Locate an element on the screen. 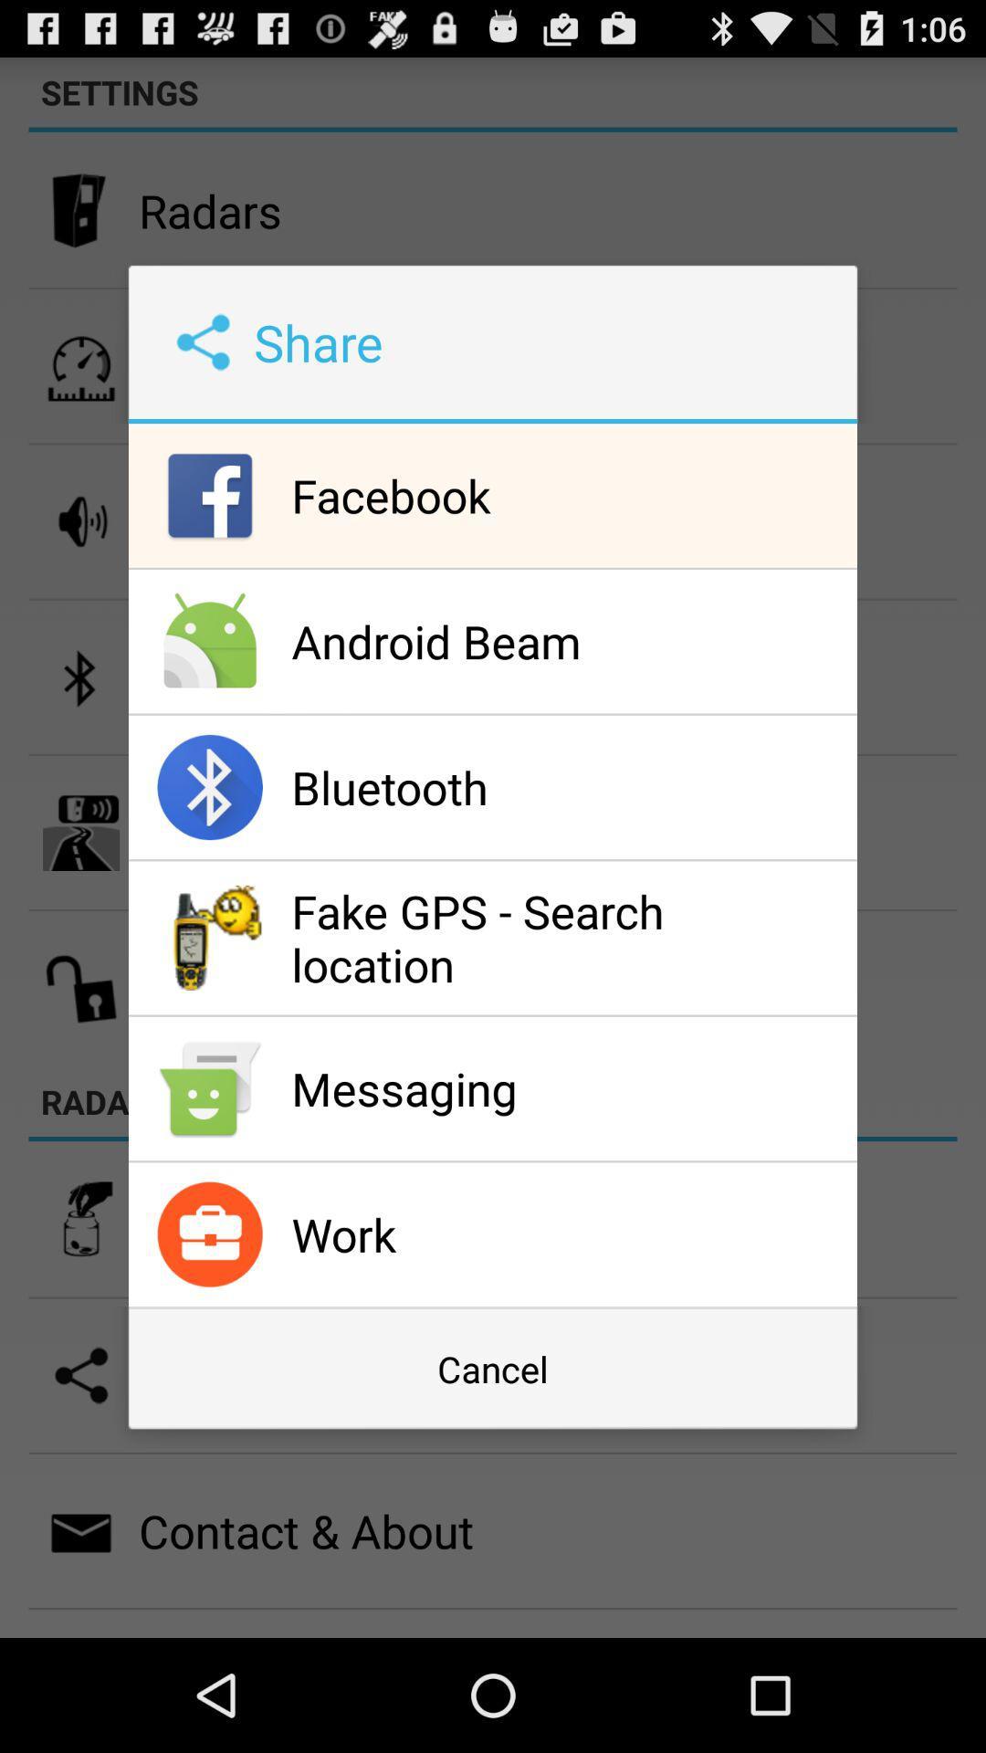  the bluetooth item is located at coordinates (569, 787).